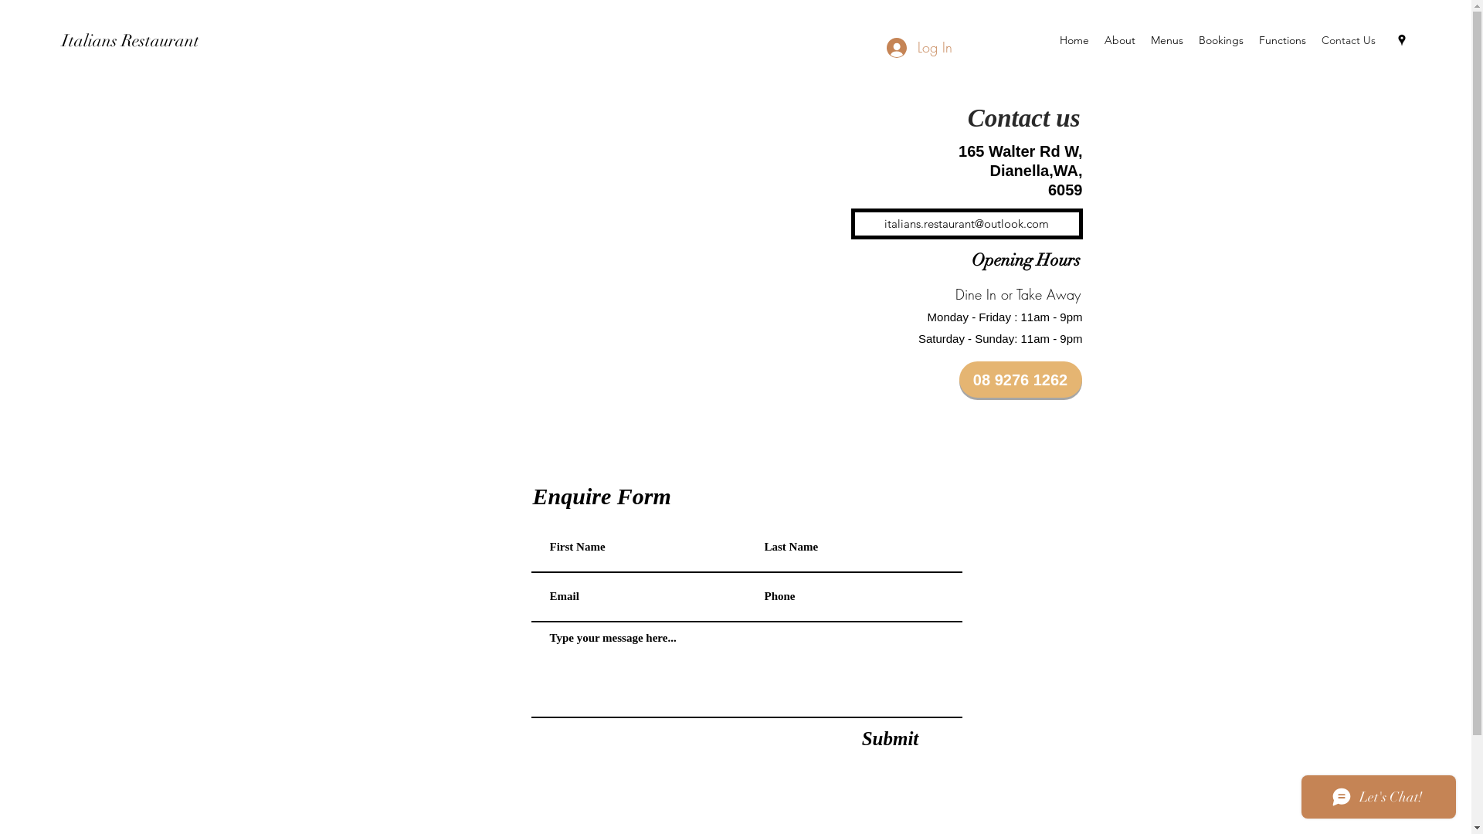 This screenshot has width=1483, height=834. What do you see at coordinates (130, 39) in the screenshot?
I see `'Italians Restaurant'` at bounding box center [130, 39].